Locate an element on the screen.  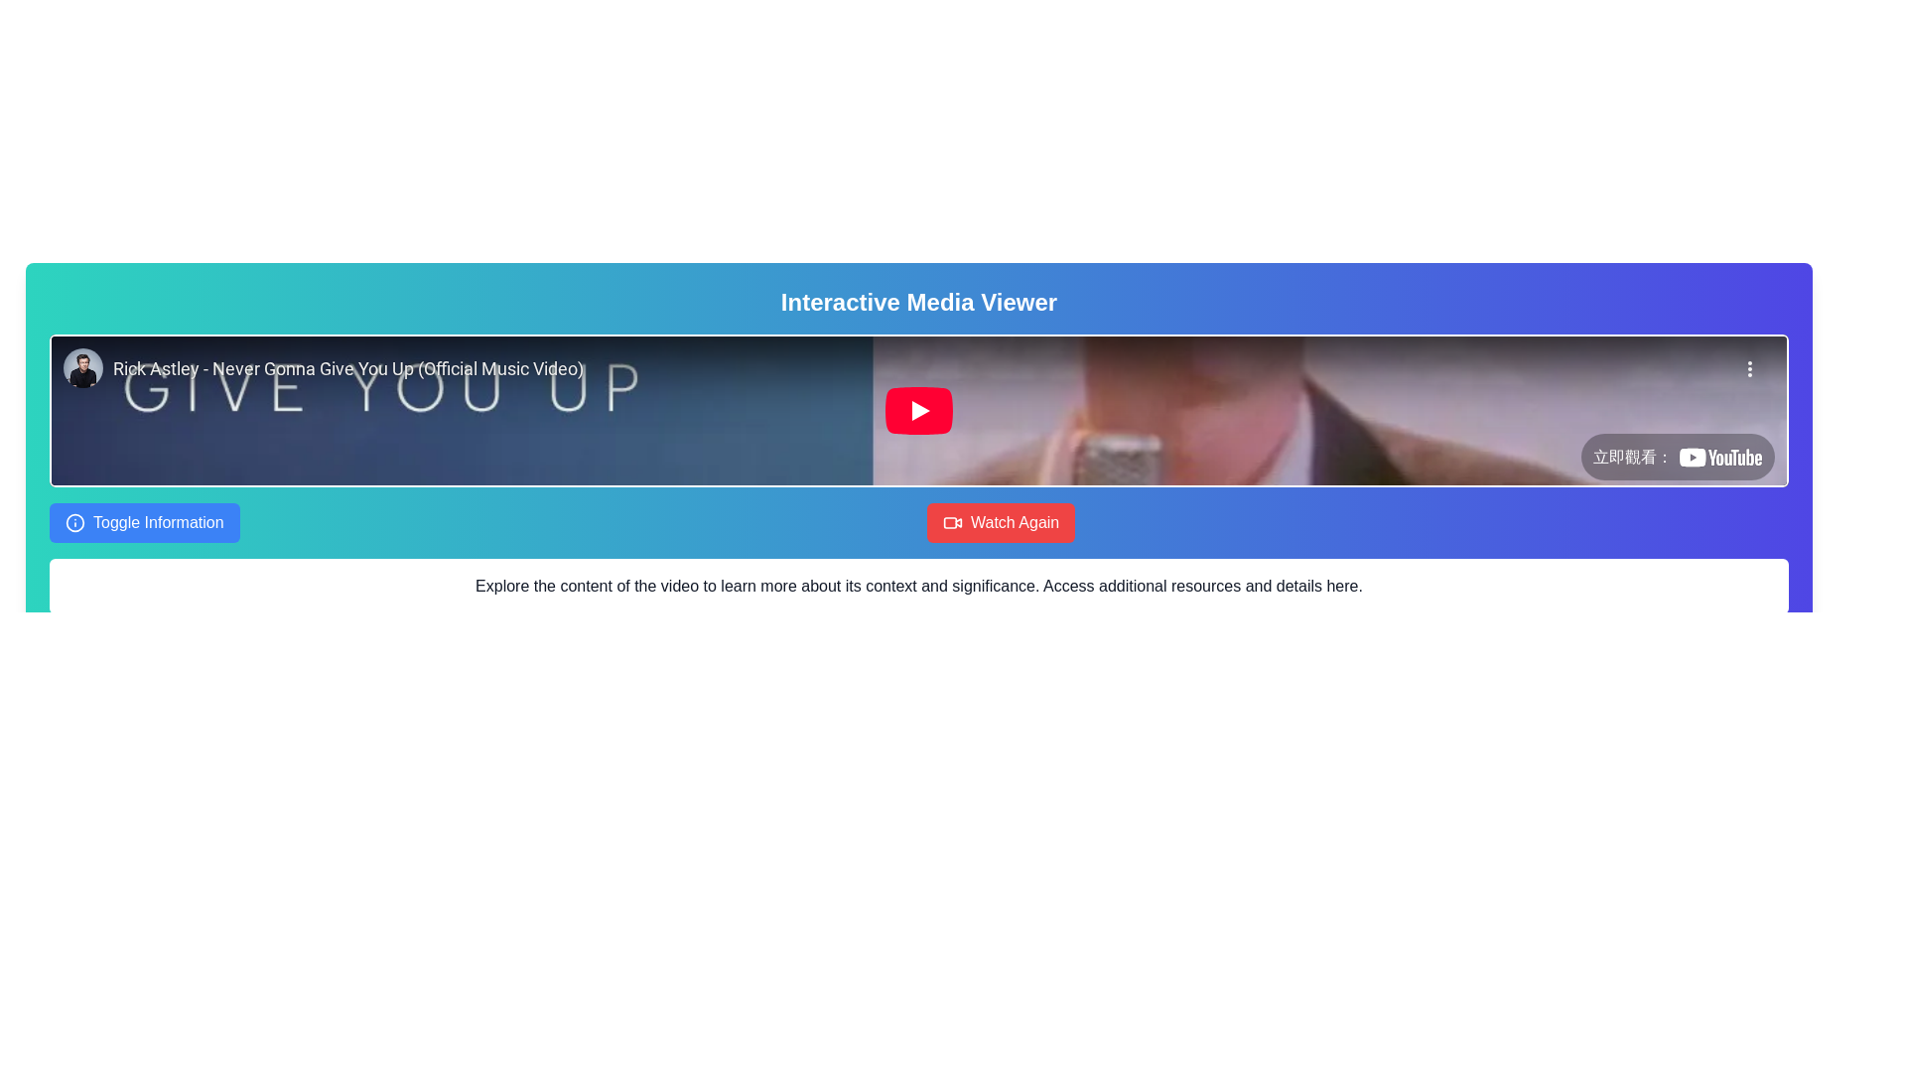
the media restart button located towards the right-center of the interactive media viewer interface to restart the video playback is located at coordinates (1001, 522).